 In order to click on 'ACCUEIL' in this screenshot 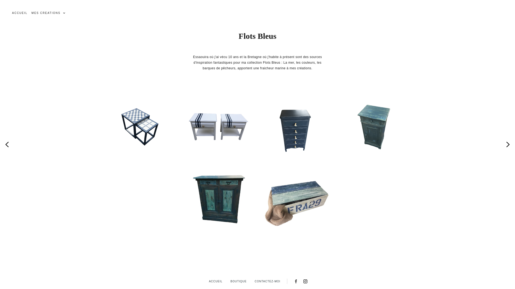, I will do `click(20, 13)`.